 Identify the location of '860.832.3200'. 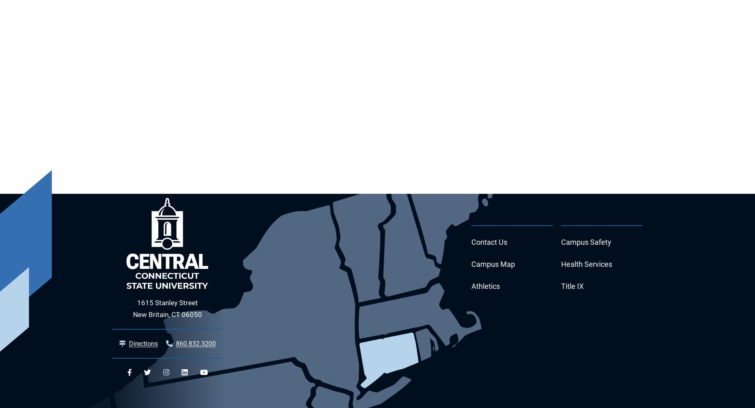
(175, 343).